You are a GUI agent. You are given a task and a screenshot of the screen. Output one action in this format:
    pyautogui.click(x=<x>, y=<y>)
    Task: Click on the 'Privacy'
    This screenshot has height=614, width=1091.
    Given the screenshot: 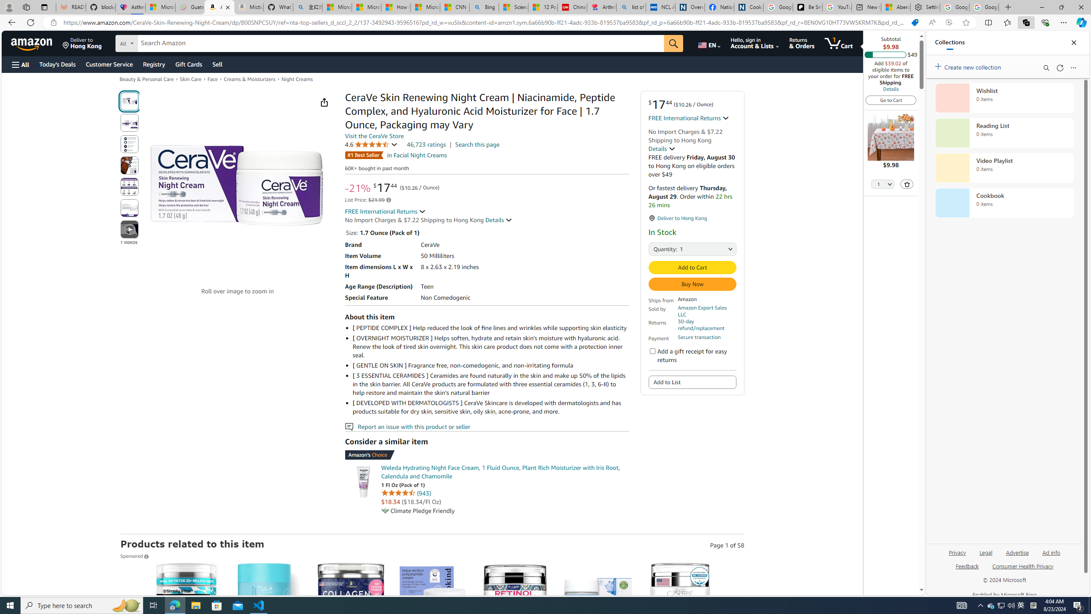 What is the action you would take?
    pyautogui.click(x=957, y=552)
    